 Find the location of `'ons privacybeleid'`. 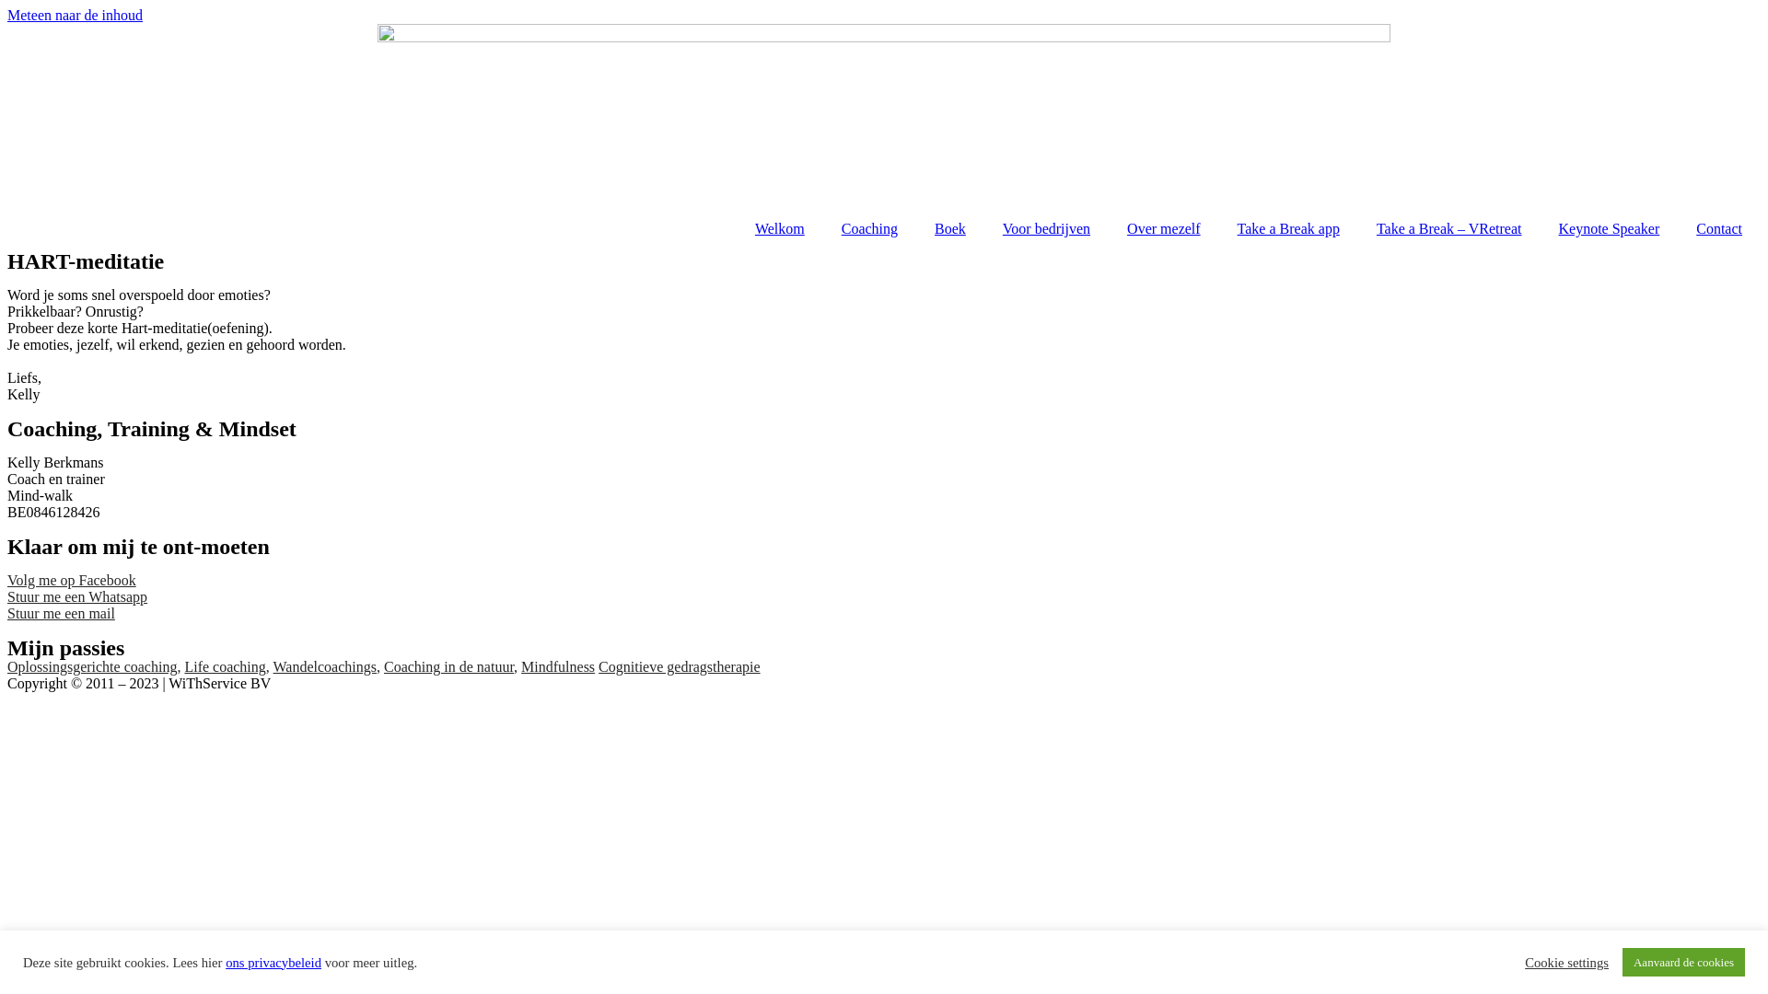

'ons privacybeleid' is located at coordinates (273, 961).